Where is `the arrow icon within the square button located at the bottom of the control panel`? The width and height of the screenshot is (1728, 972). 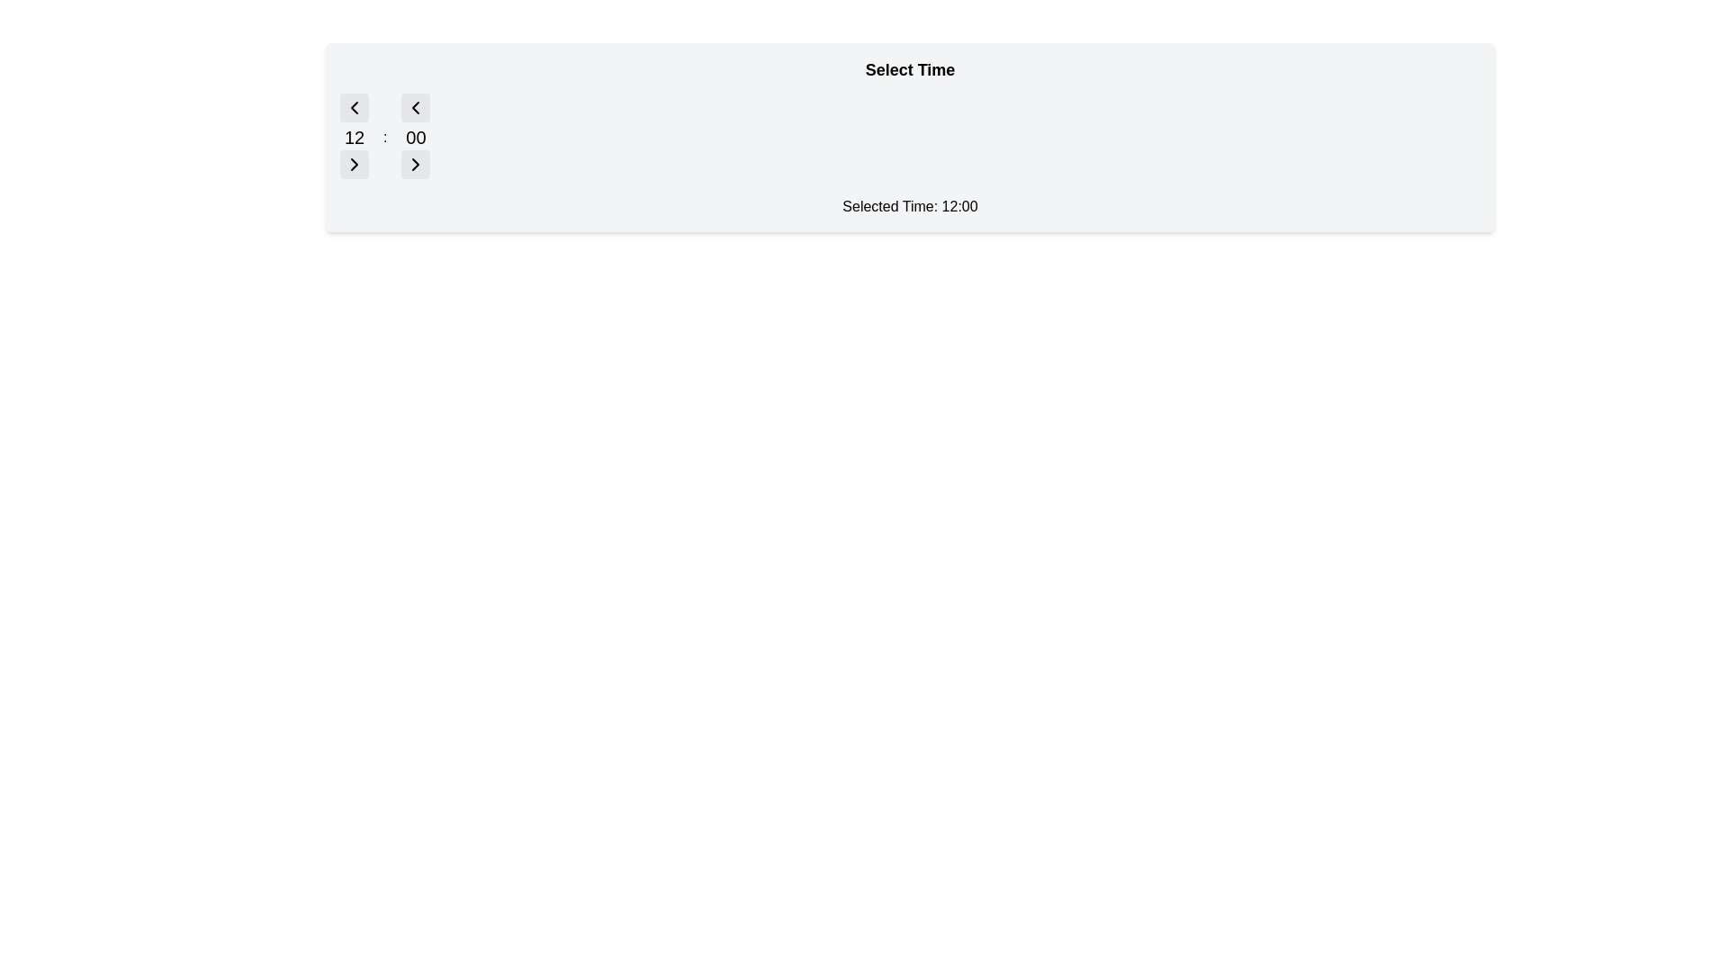 the arrow icon within the square button located at the bottom of the control panel is located at coordinates (415, 164).